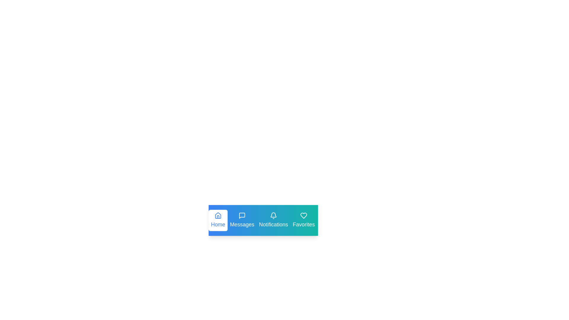 The width and height of the screenshot is (569, 320). Describe the element at coordinates (242, 220) in the screenshot. I see `the Messages tab by clicking on it` at that location.